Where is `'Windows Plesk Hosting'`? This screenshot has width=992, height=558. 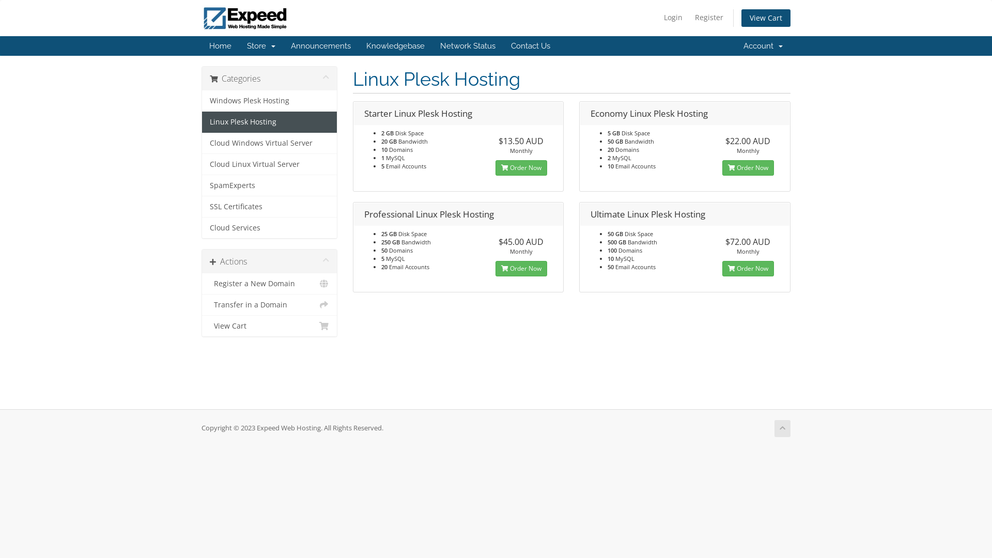
'Windows Plesk Hosting' is located at coordinates (269, 101).